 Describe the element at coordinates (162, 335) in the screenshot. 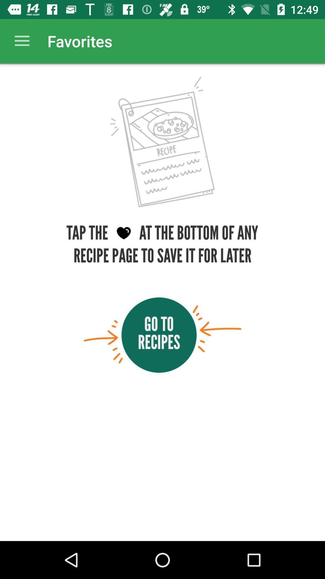

I see `push button option` at that location.